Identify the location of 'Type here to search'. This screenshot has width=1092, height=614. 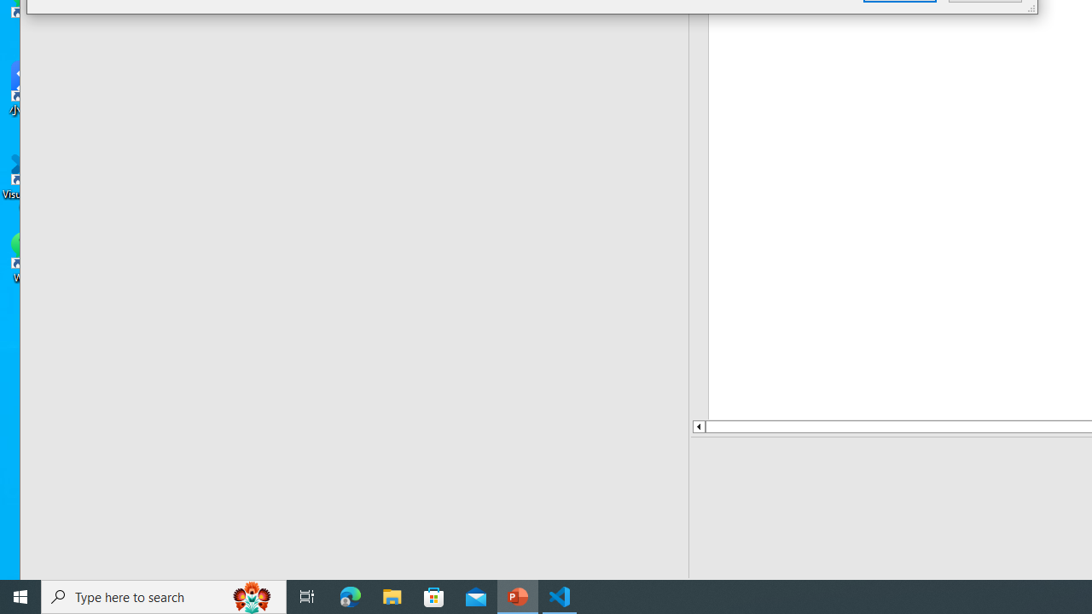
(164, 595).